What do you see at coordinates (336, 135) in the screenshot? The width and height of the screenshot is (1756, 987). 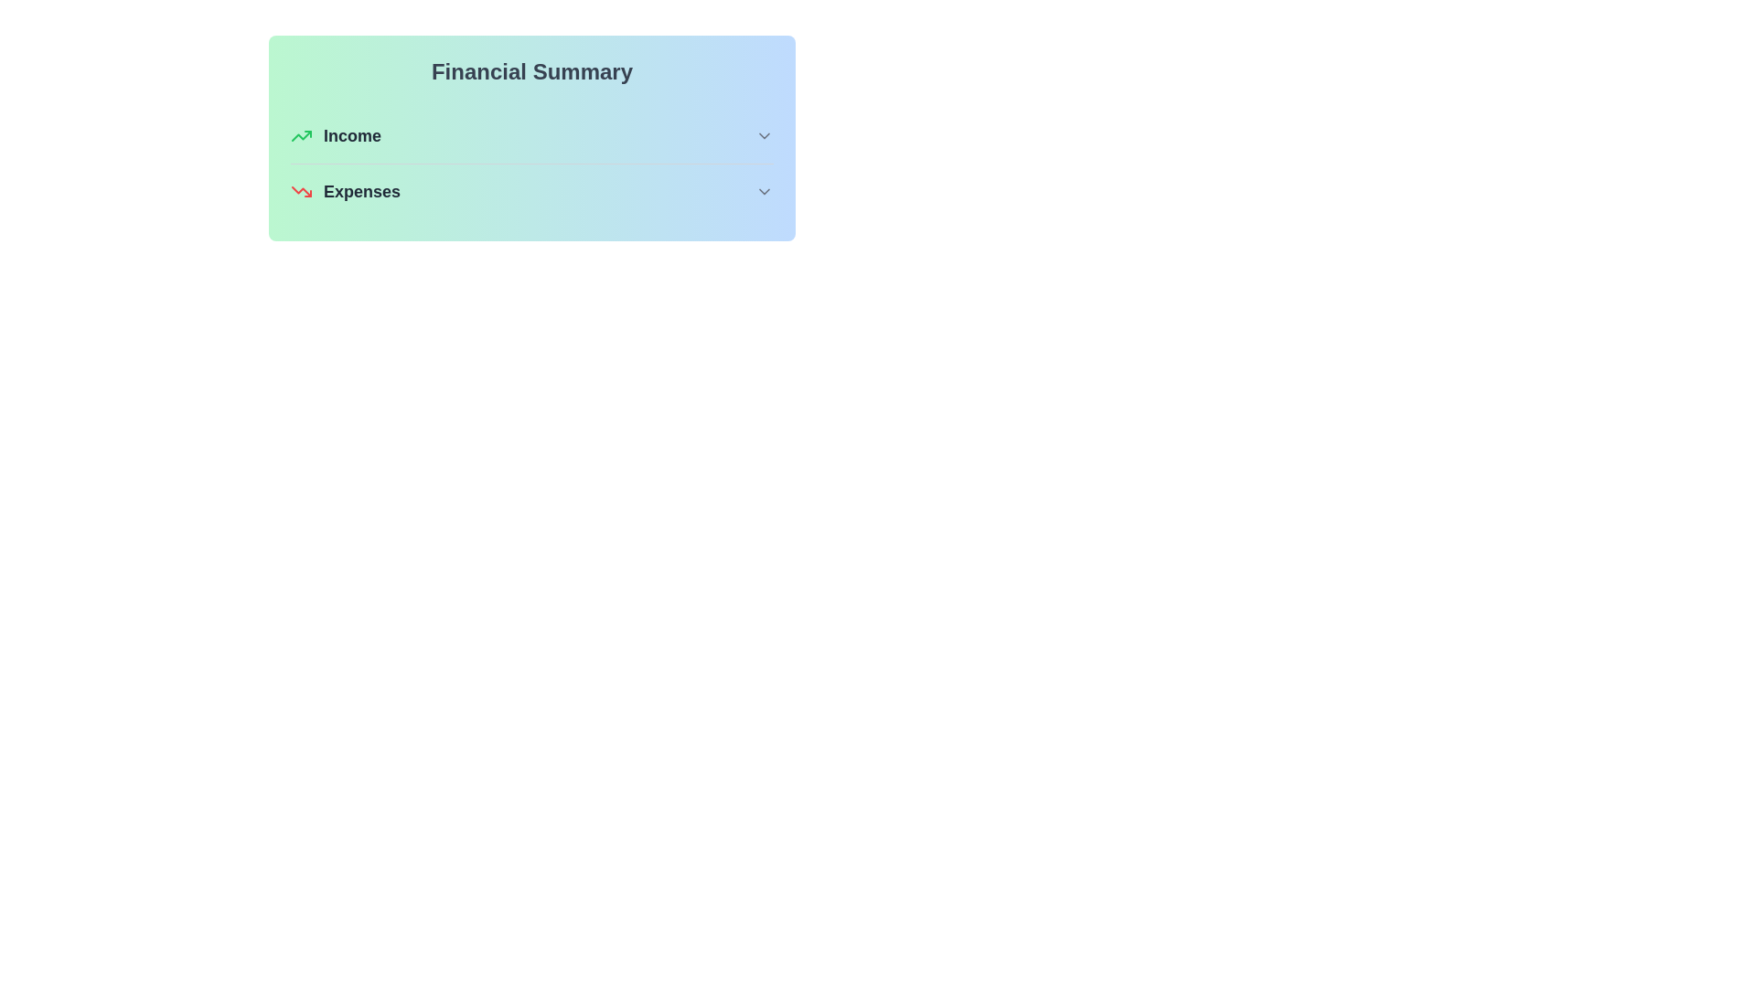 I see `the 'Income' text element, which is the first label in the Financial Summary section and positioned above the 'Expenses' label` at bounding box center [336, 135].